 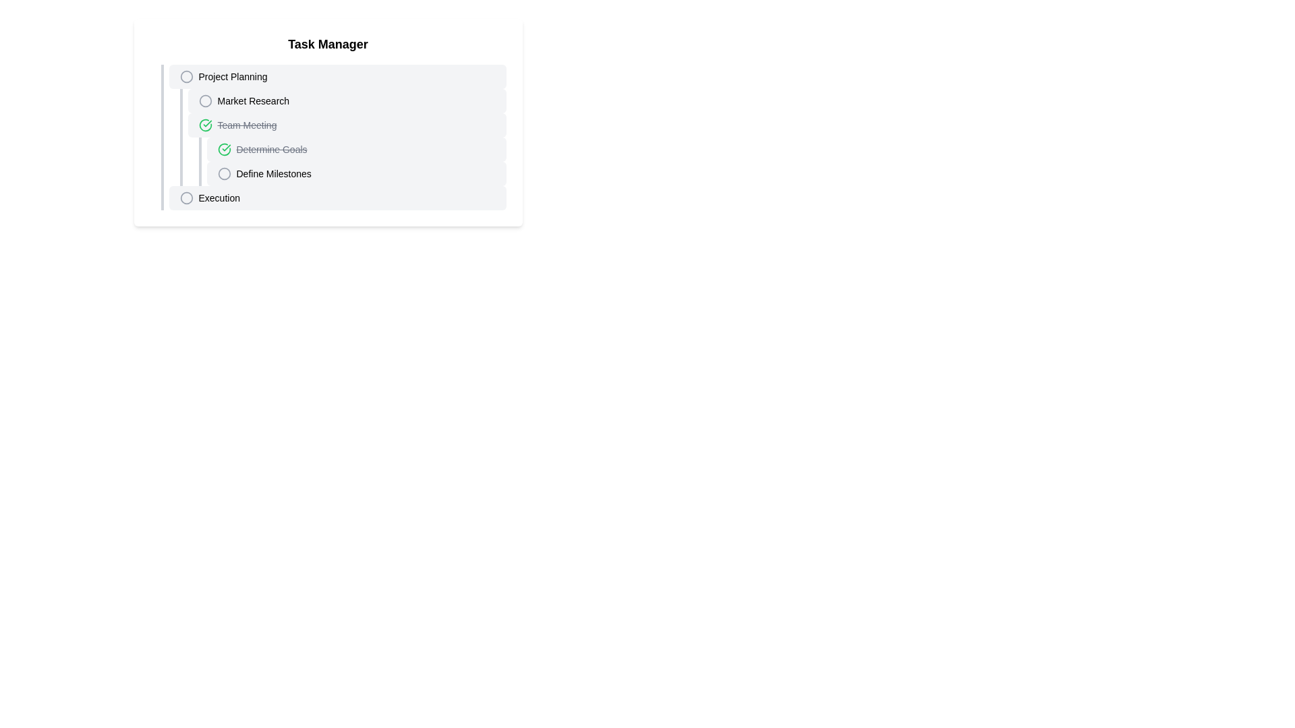 What do you see at coordinates (356, 150) in the screenshot?
I see `the completed task item 'Determine Goals'` at bounding box center [356, 150].